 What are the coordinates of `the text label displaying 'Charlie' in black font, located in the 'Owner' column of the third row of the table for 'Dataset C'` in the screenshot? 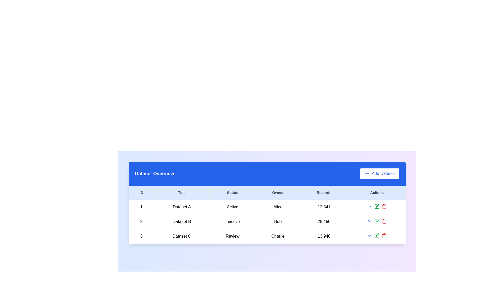 It's located at (278, 236).